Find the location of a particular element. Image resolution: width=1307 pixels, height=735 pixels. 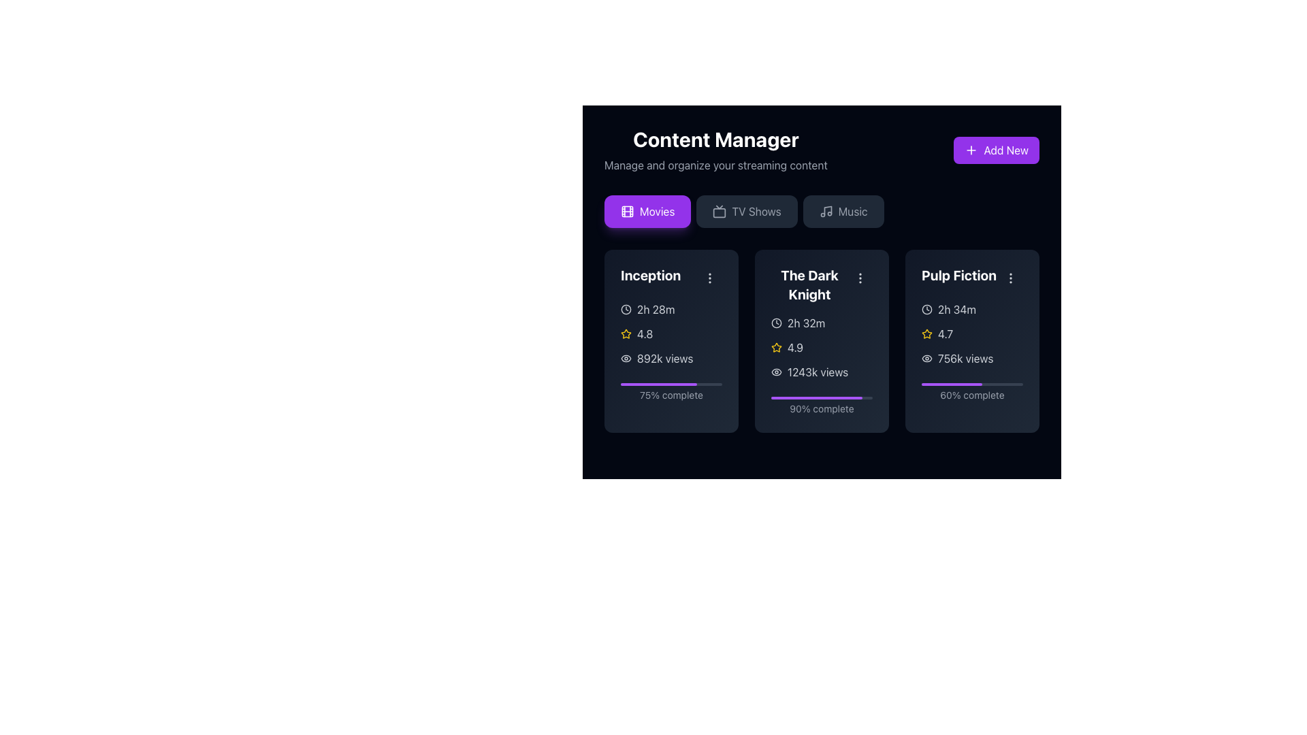

the horizontal progress bar with a gray background and rounded corners for the movie 'Inception', which shows approximately 75% complete progress is located at coordinates (671, 384).